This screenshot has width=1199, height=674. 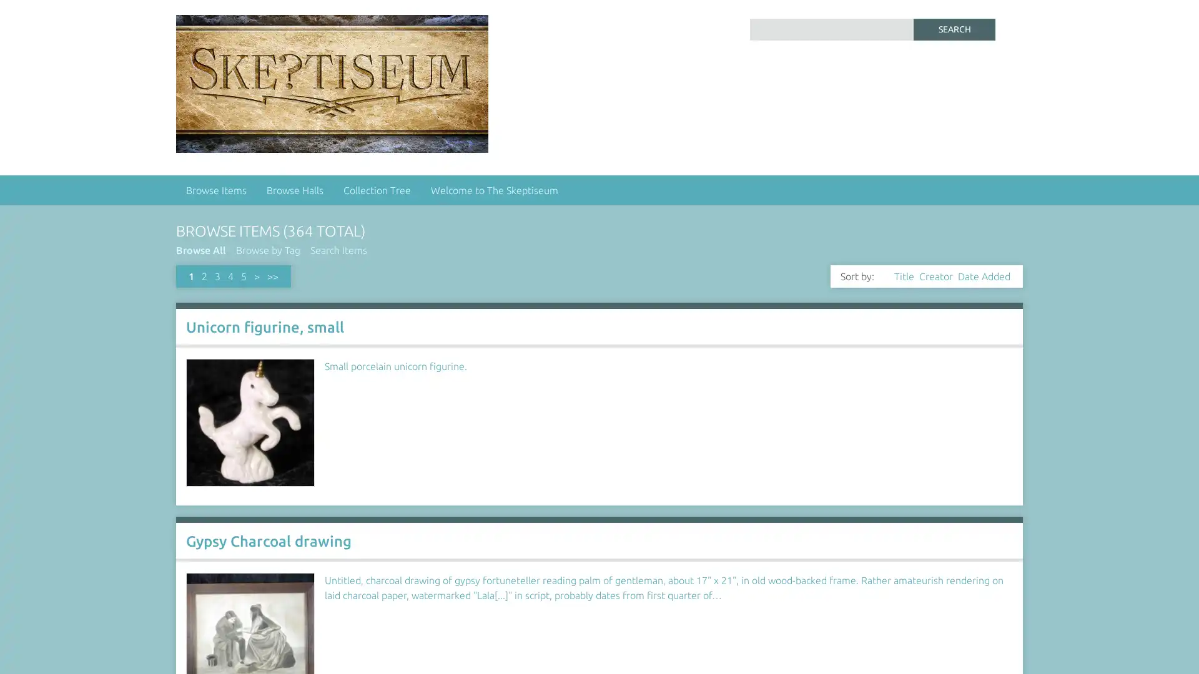 I want to click on Search, so click(x=953, y=29).